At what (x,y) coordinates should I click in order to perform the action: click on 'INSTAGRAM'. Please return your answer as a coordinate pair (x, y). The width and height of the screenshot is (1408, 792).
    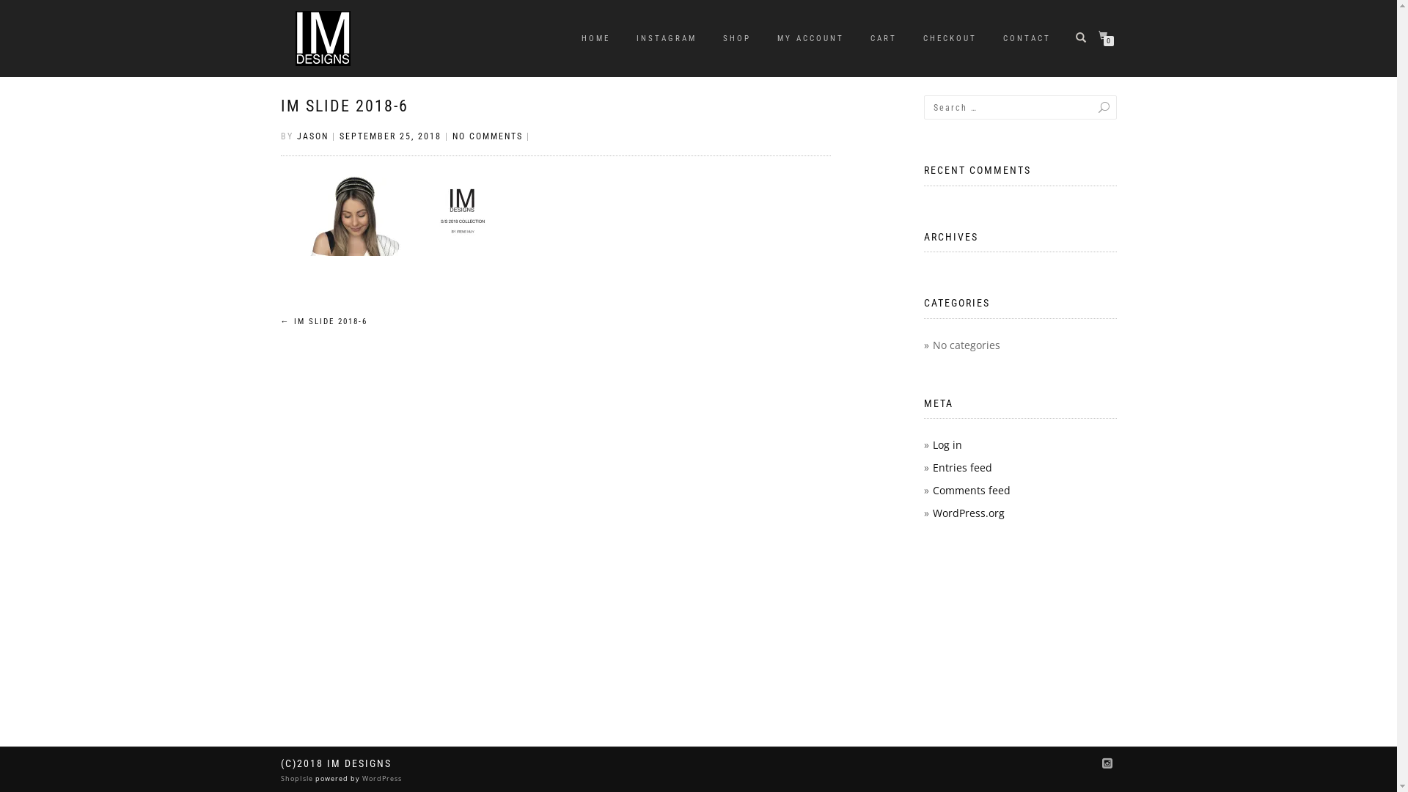
    Looking at the image, I should click on (664, 38).